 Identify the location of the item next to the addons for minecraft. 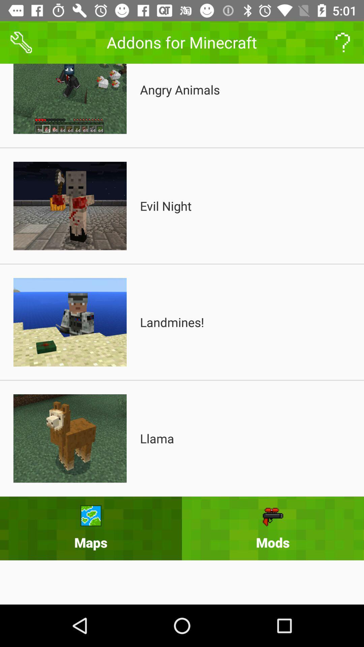
(21, 42).